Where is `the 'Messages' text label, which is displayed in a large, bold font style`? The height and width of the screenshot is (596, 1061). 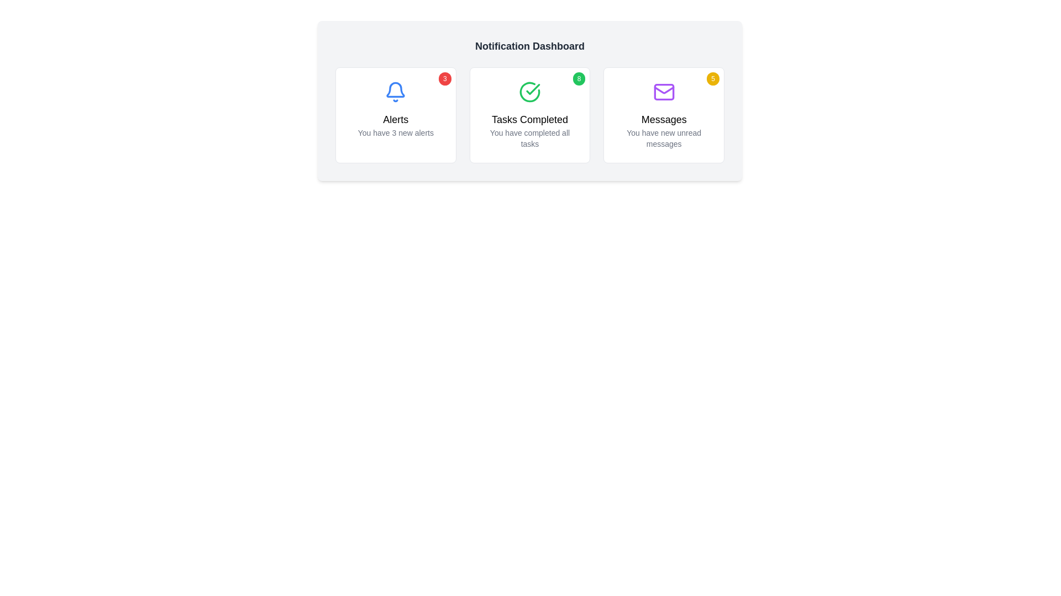 the 'Messages' text label, which is displayed in a large, bold font style is located at coordinates (663, 119).